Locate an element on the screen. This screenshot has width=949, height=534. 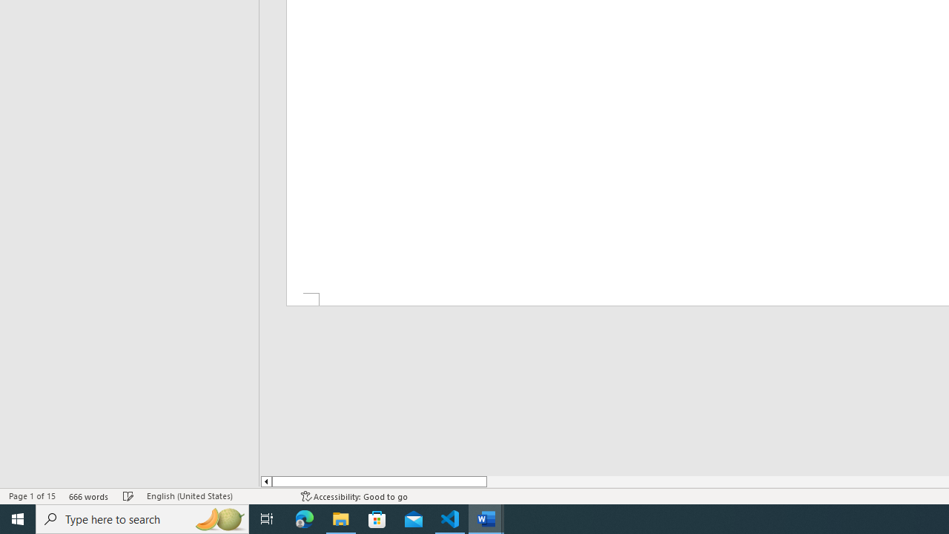
'Word Count 666 words' is located at coordinates (88, 496).